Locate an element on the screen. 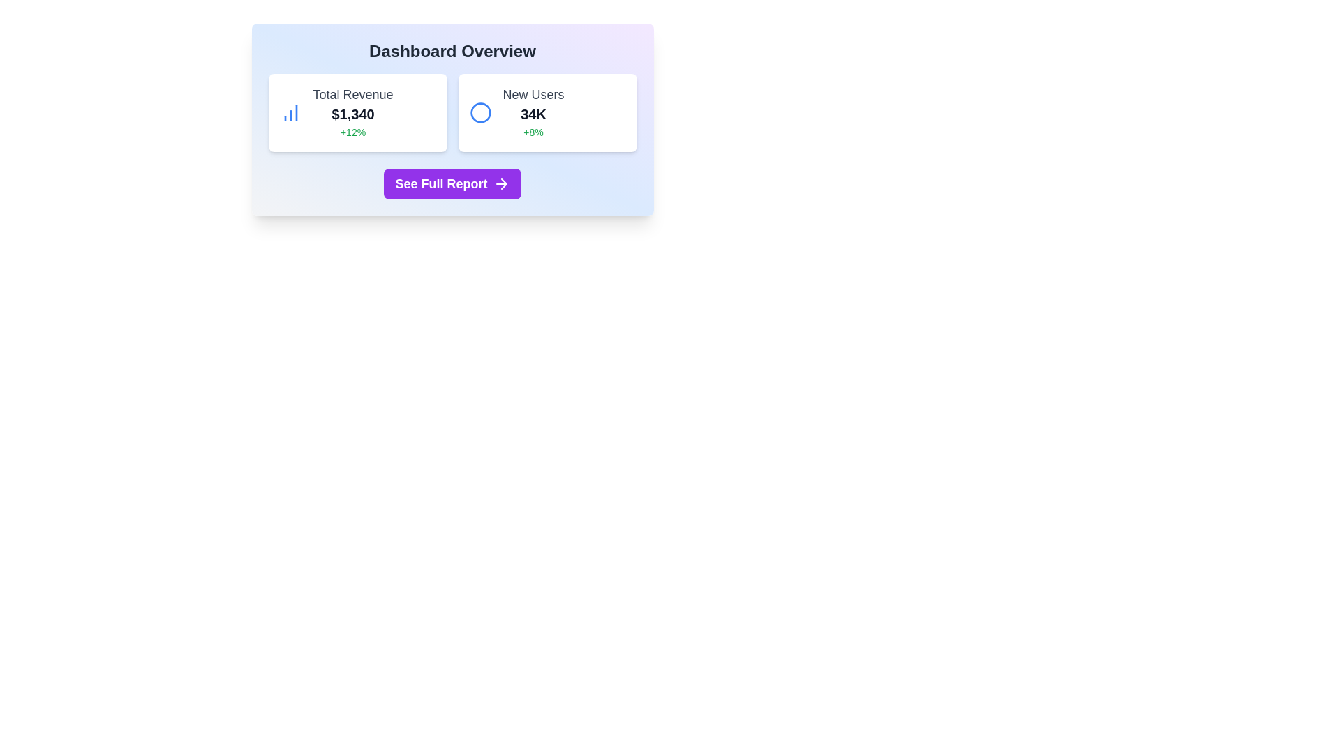 Image resolution: width=1340 pixels, height=753 pixels. the static text label 'New Users' located in the upper section of the dashboard card on the right-hand side, which indicates the metric being displayed is located at coordinates (533, 94).